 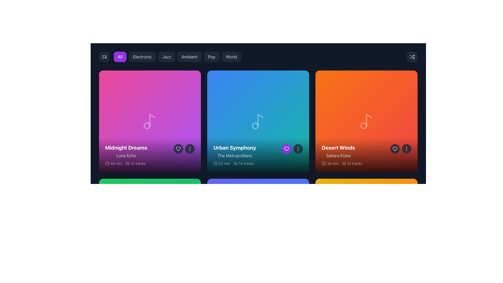 I want to click on the leftmost music list icon within the group that includes '14 tracks' text, located below the title 'Urban Symphony', so click(x=235, y=163).